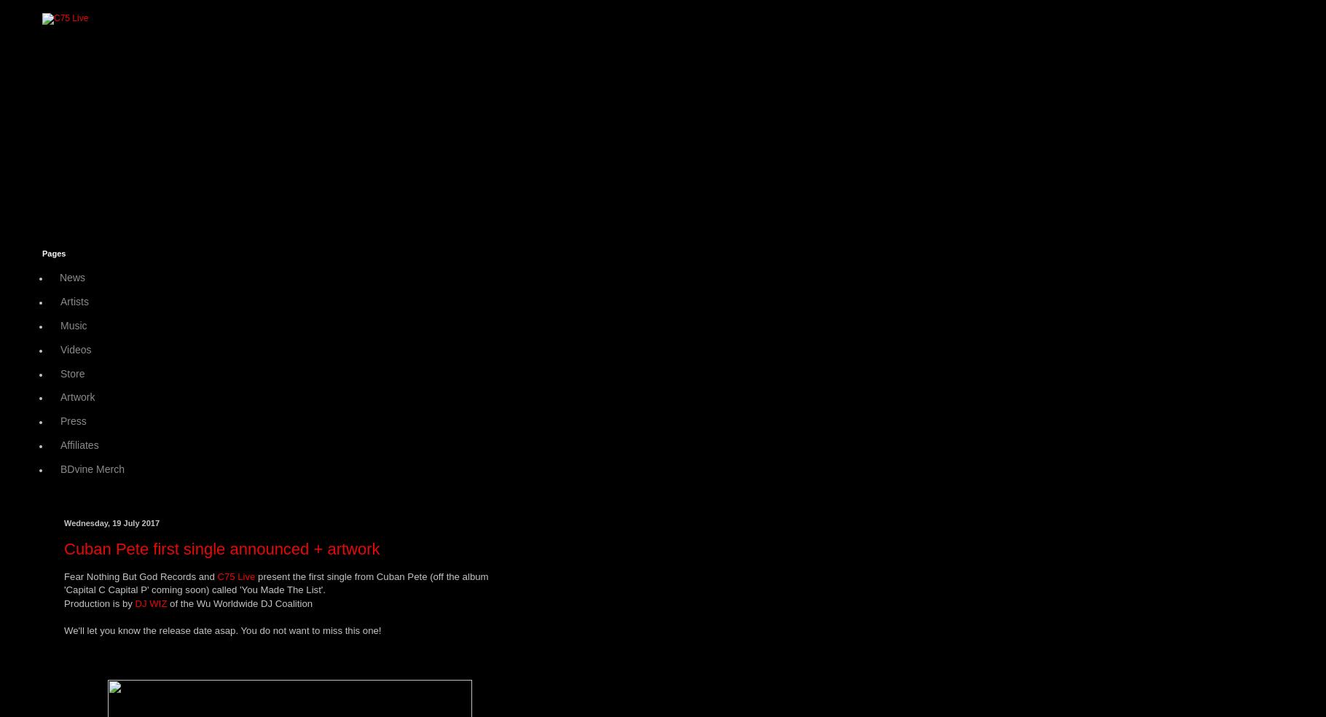  I want to click on 'Cuban Pete first single announced + artwork', so click(64, 547).